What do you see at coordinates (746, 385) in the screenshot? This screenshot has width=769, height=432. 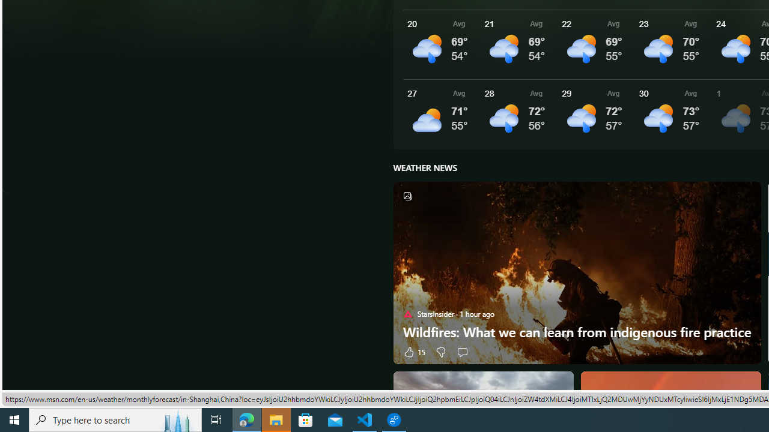 I see `'See more'` at bounding box center [746, 385].